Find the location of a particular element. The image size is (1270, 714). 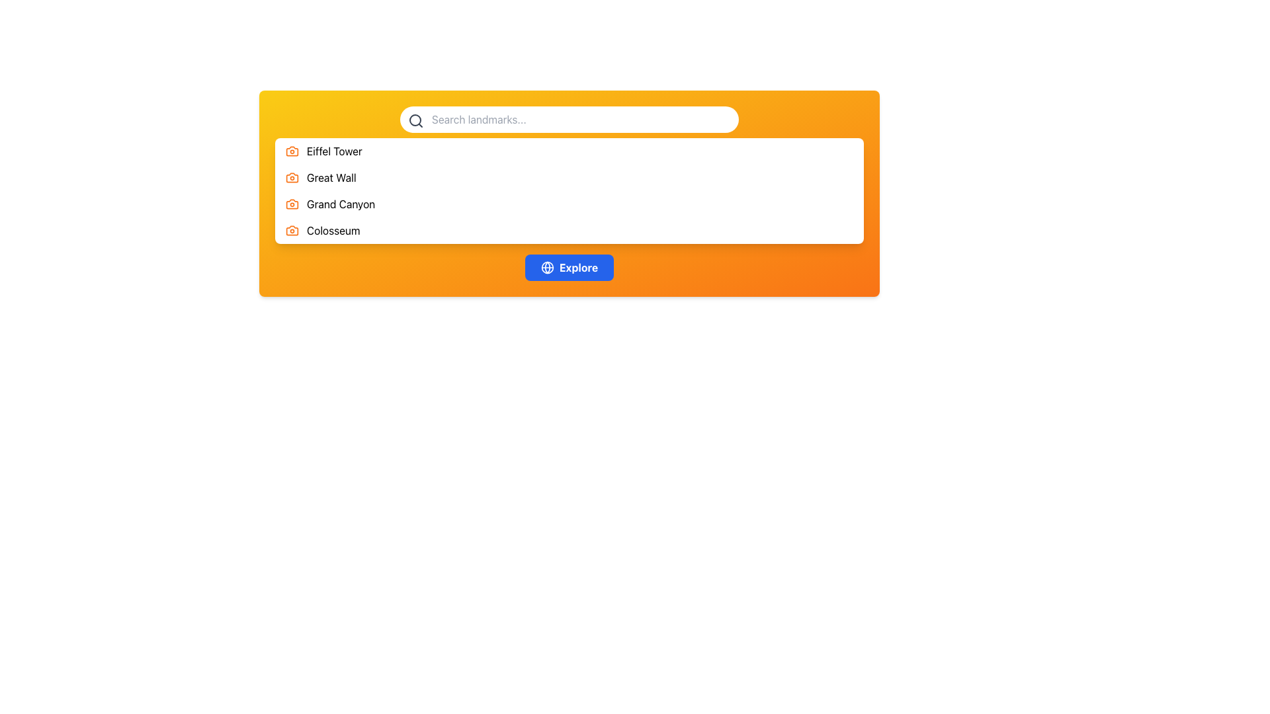

the text label displaying 'Eiffel Tower', which is the first item in a vertical list of selectable landmarks is located at coordinates (334, 150).